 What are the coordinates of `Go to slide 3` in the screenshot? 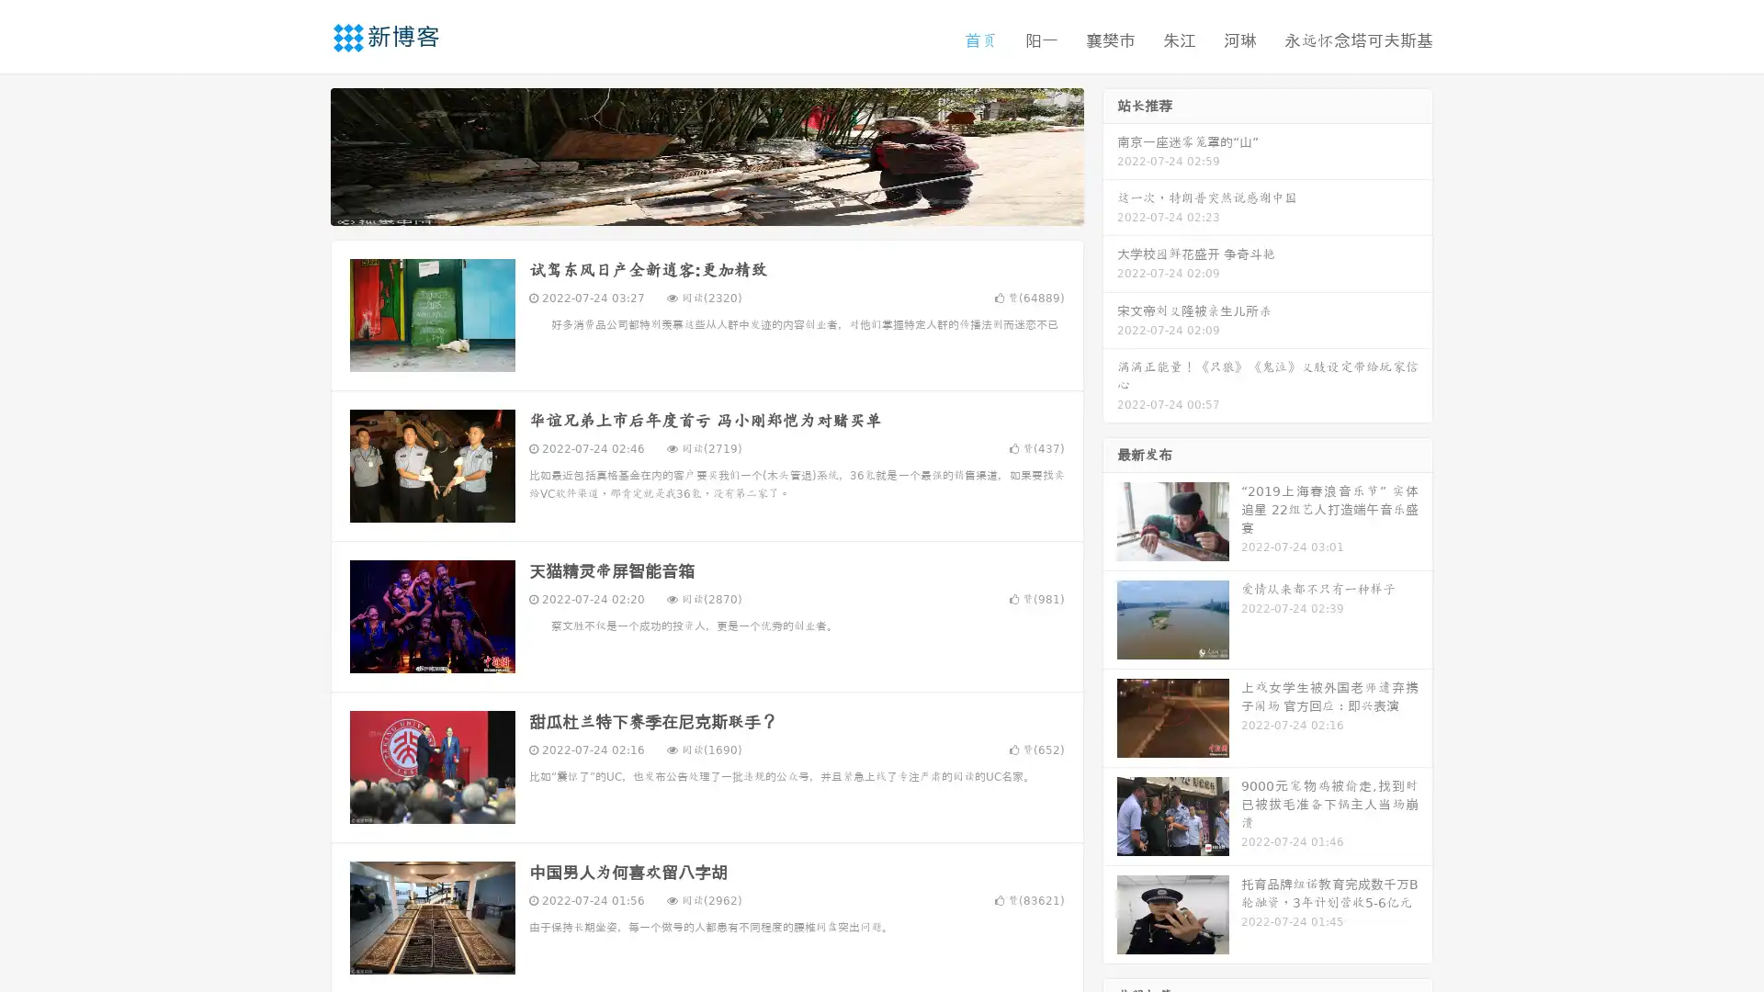 It's located at (725, 207).